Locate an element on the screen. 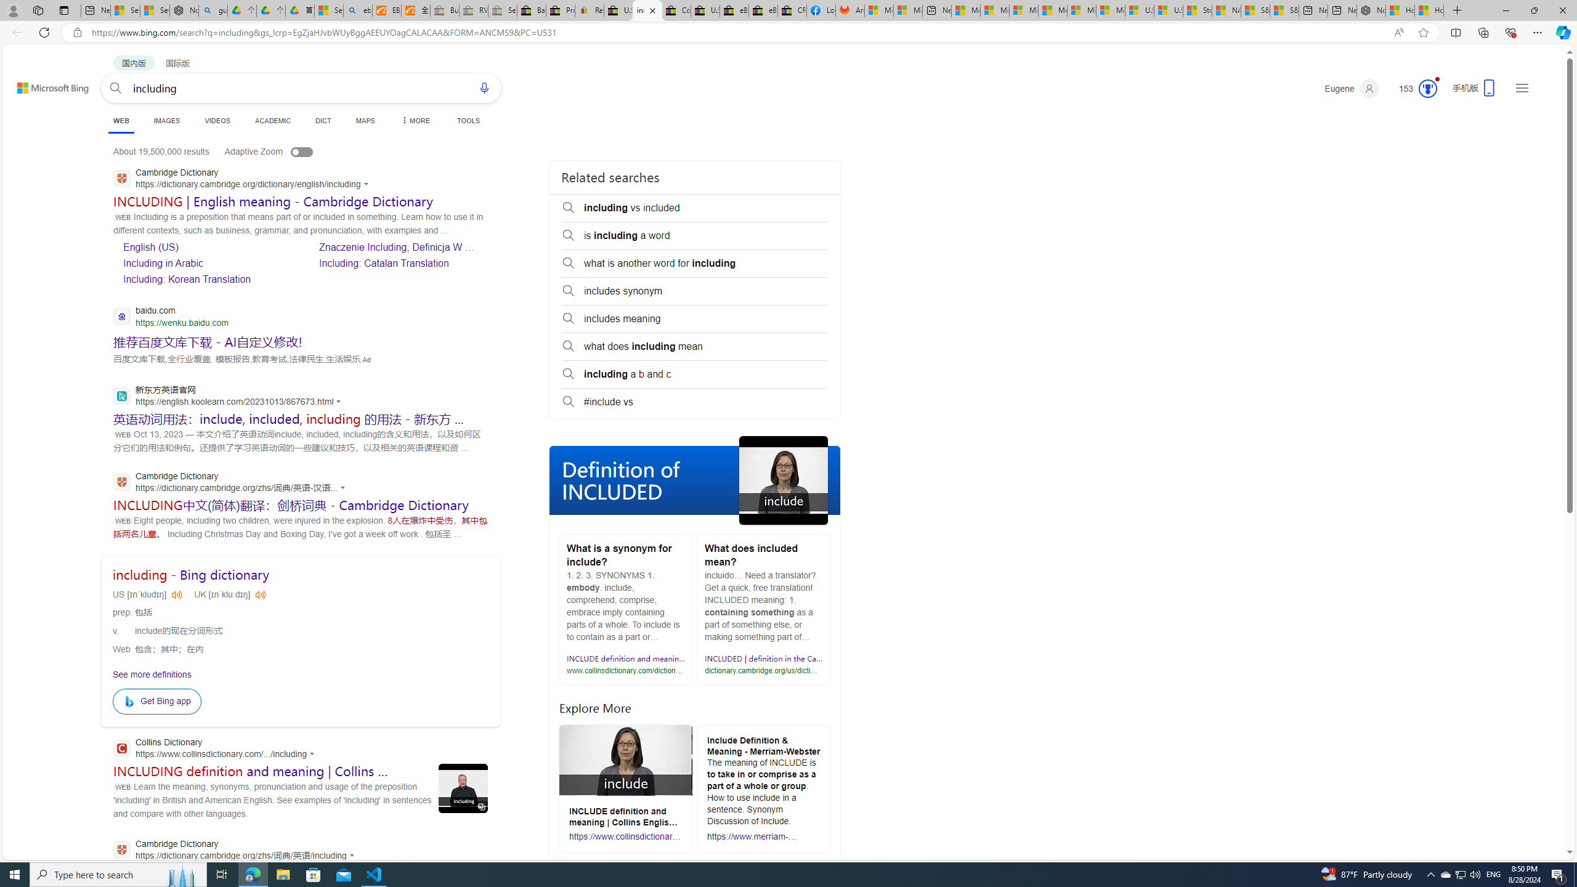 The width and height of the screenshot is (1577, 887). 'S&P 500, Nasdaq end lower, weighed by Nvidia dip | Watch' is located at coordinates (1284, 10).